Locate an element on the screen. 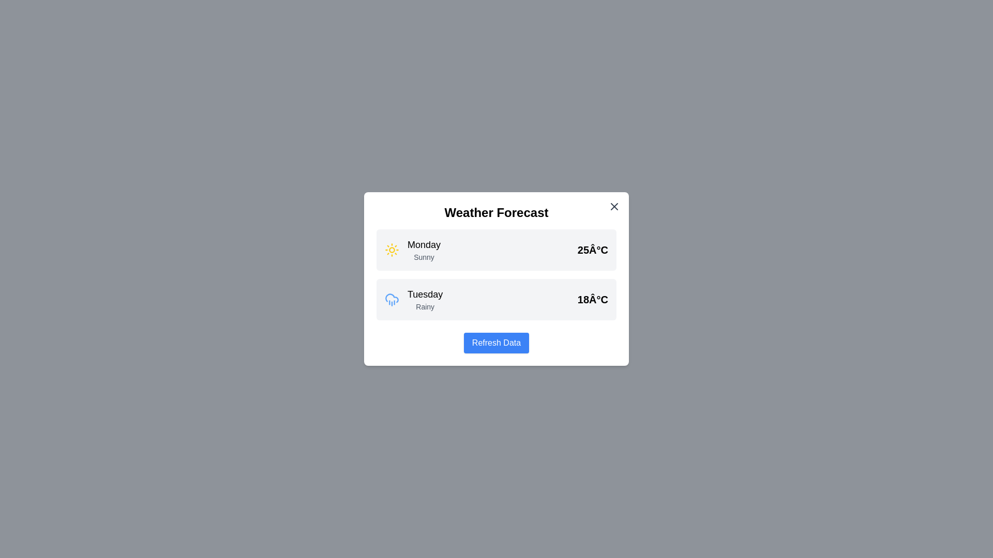  weather forecast details for Monday, which includes the weather condition and temperature, from the first entry in the weather forecast dialog box is located at coordinates (496, 250).